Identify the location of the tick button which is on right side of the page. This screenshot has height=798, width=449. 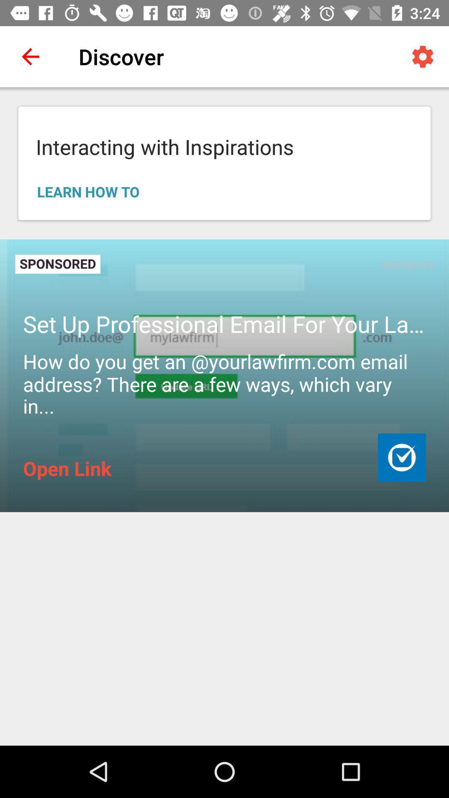
(402, 457).